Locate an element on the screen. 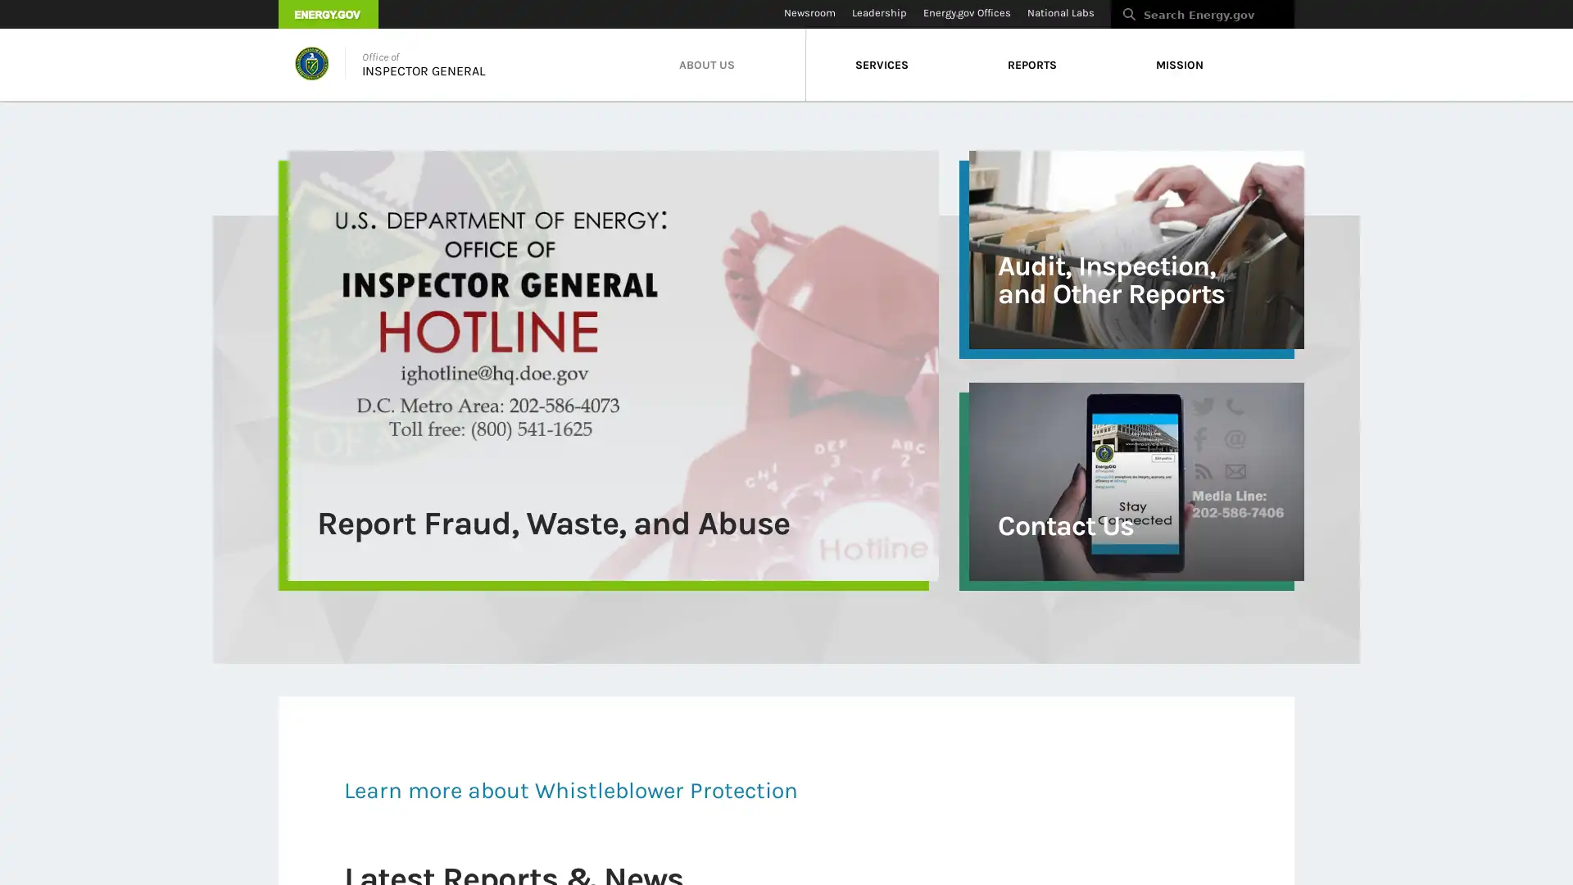 This screenshot has width=1573, height=885. SEARCH is located at coordinates (1312, 19).